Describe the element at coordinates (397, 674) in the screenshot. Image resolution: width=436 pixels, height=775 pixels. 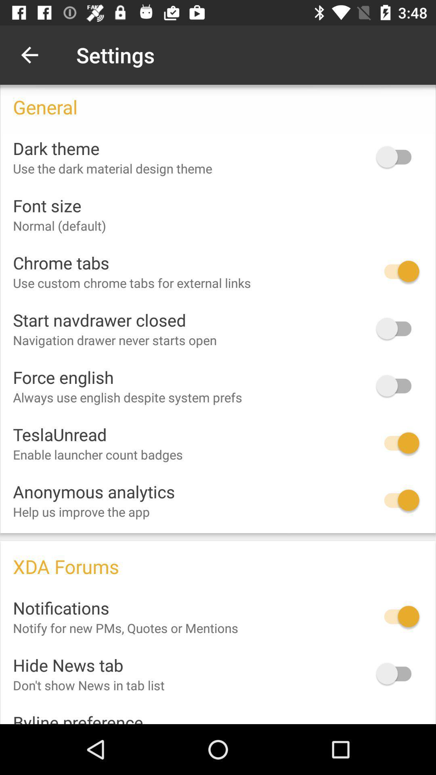
I see `the icon next to the hide news tab` at that location.